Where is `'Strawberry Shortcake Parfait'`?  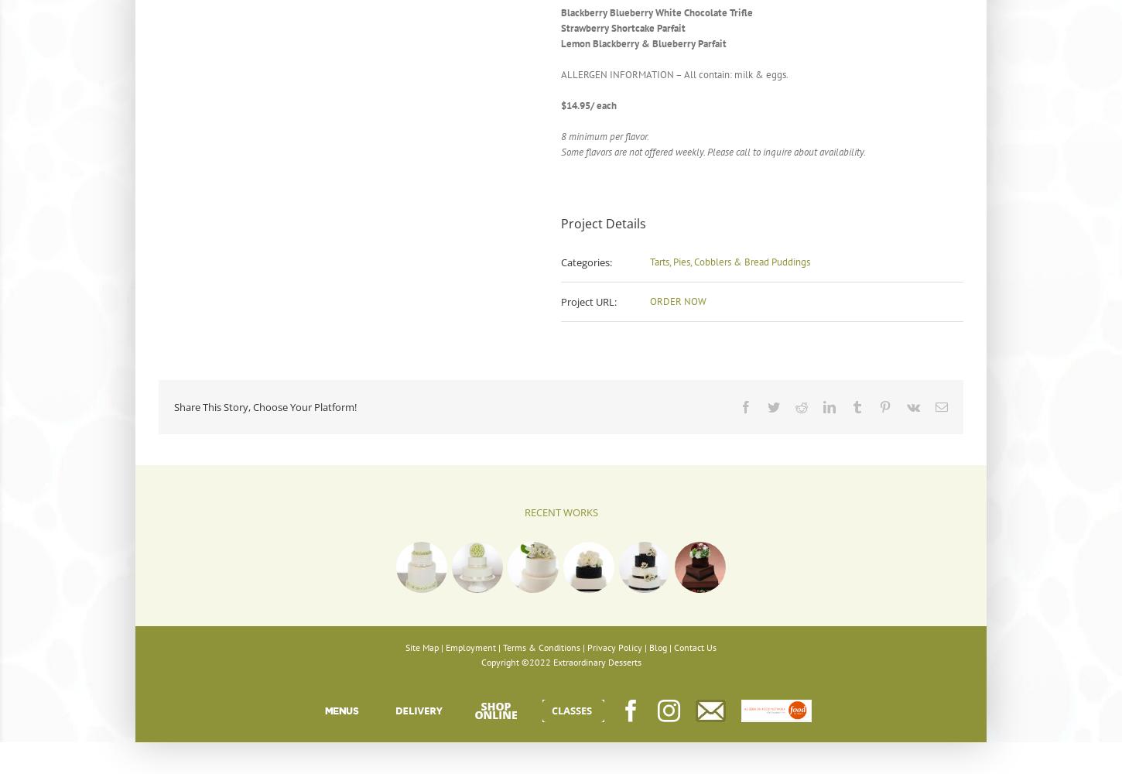
'Strawberry Shortcake Parfait' is located at coordinates (561, 28).